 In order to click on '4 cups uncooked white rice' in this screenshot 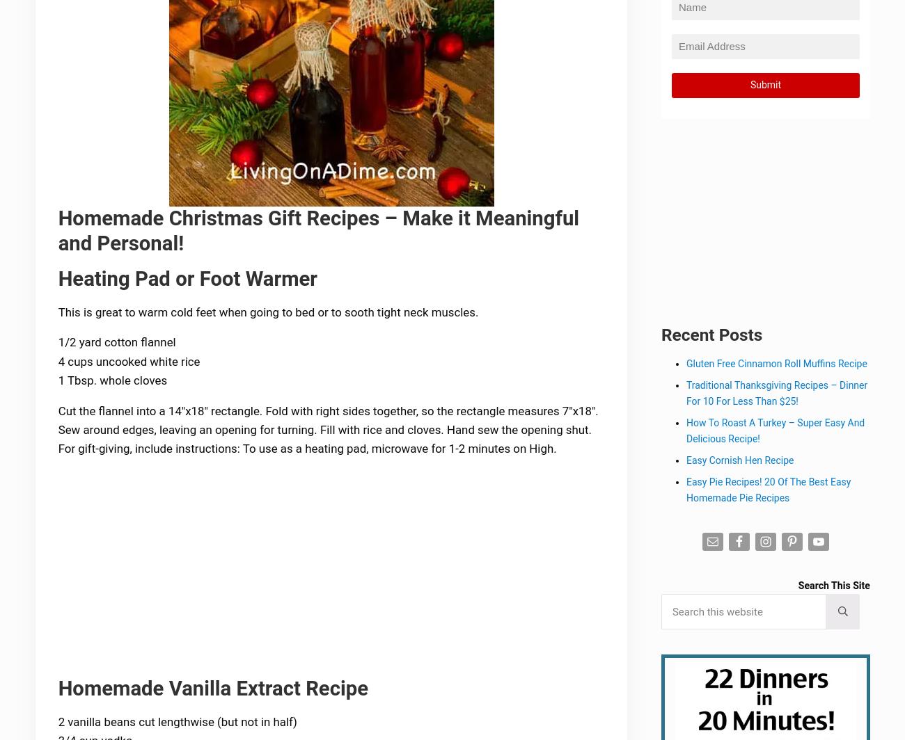, I will do `click(130, 362)`.